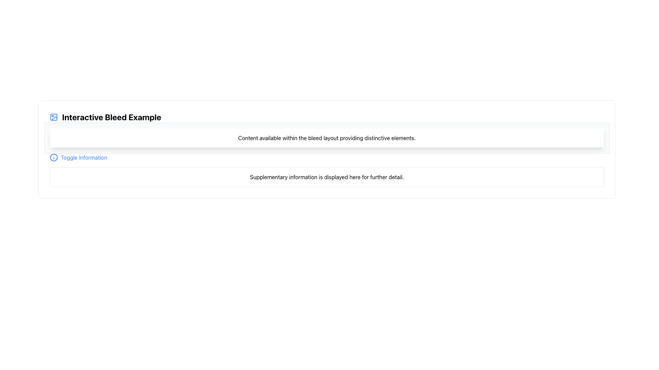 This screenshot has height=370, width=659. What do you see at coordinates (54, 117) in the screenshot?
I see `the decorative icon located to the left of the 'Interactive Bleed Example' title text` at bounding box center [54, 117].